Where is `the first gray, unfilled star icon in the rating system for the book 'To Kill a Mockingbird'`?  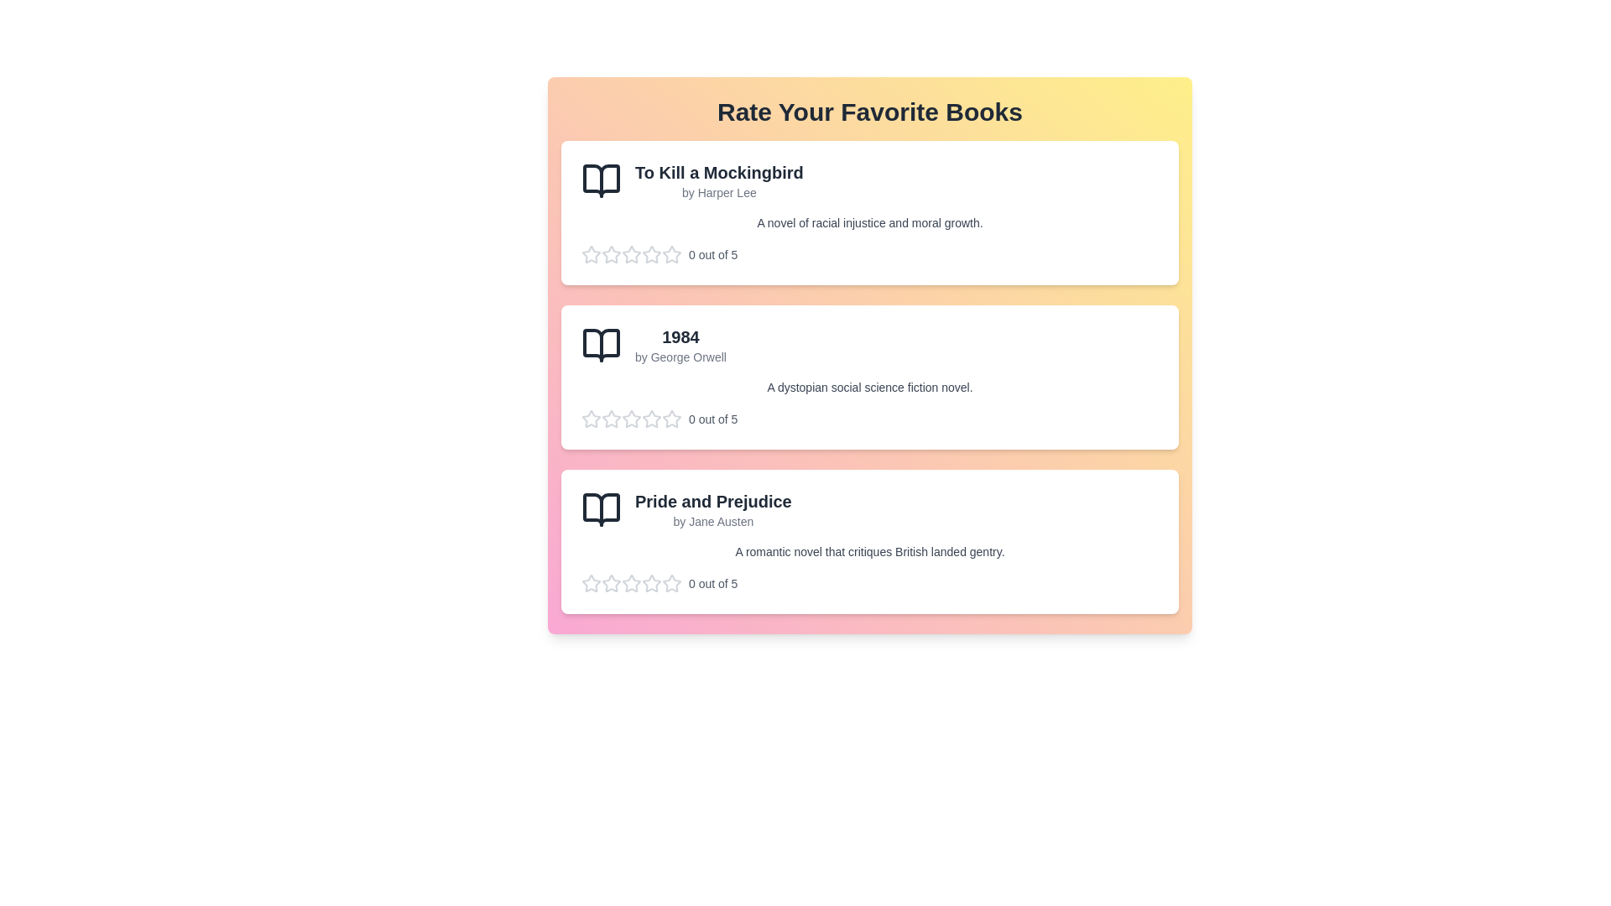
the first gray, unfilled star icon in the rating system for the book 'To Kill a Mockingbird' is located at coordinates (592, 254).